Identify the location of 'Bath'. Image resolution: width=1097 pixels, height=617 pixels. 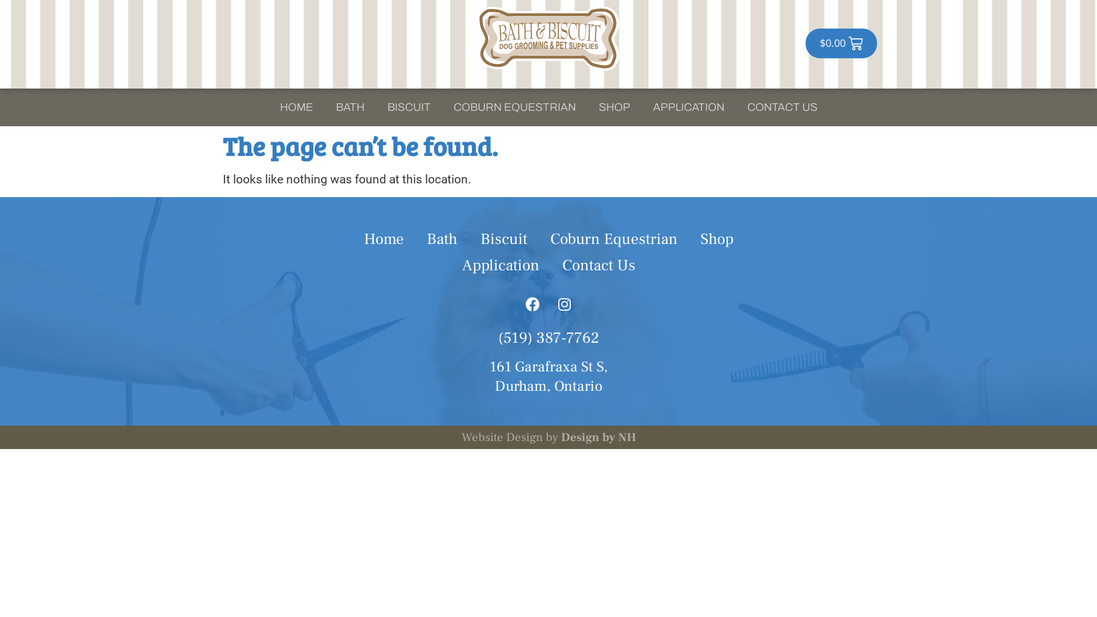
(414, 239).